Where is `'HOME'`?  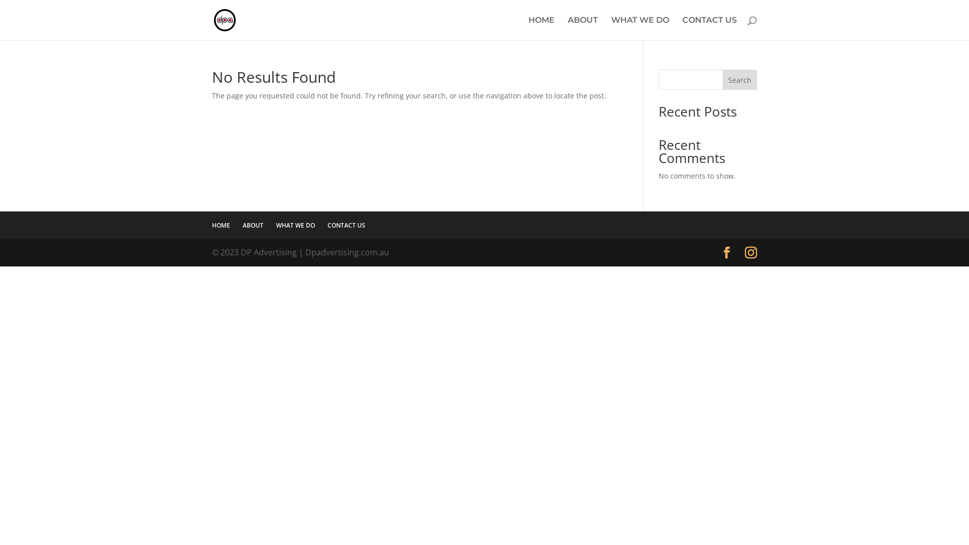 'HOME' is located at coordinates (220, 225).